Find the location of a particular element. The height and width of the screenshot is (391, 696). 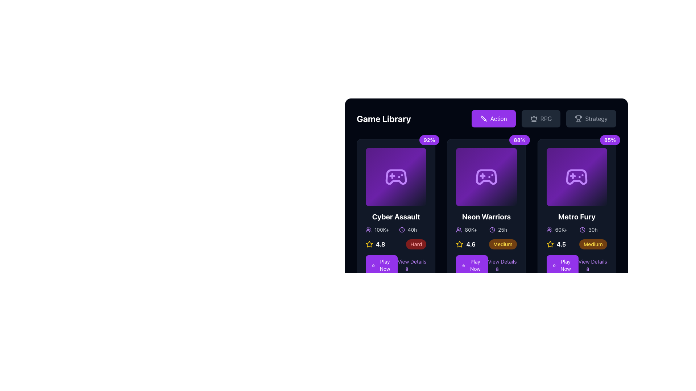

the 'RPG' button in the horizontal button group is located at coordinates (543, 118).